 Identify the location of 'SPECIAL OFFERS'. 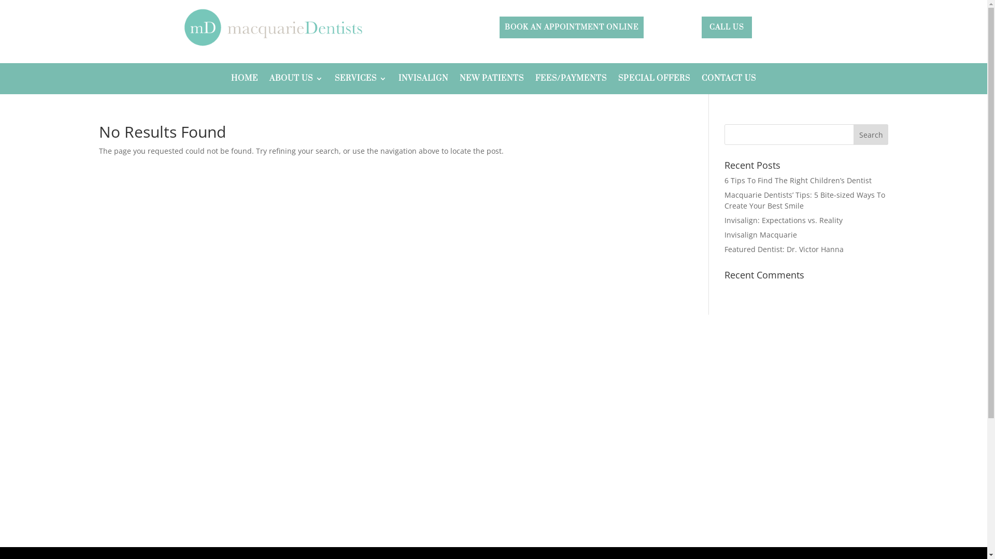
(653, 80).